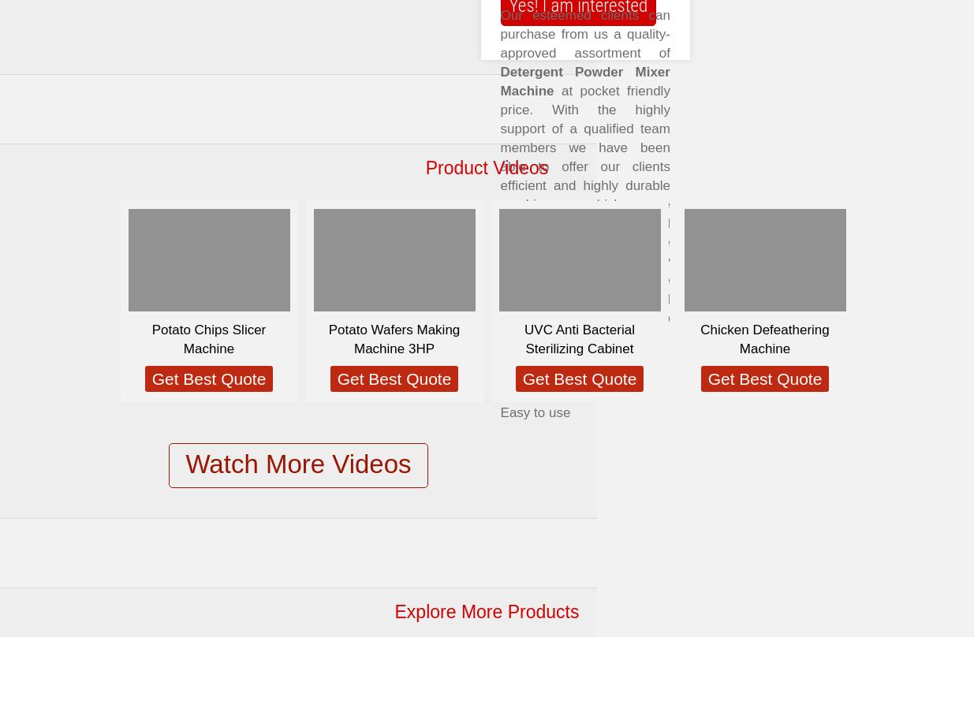  What do you see at coordinates (535, 412) in the screenshot?
I see `'Easy to use'` at bounding box center [535, 412].